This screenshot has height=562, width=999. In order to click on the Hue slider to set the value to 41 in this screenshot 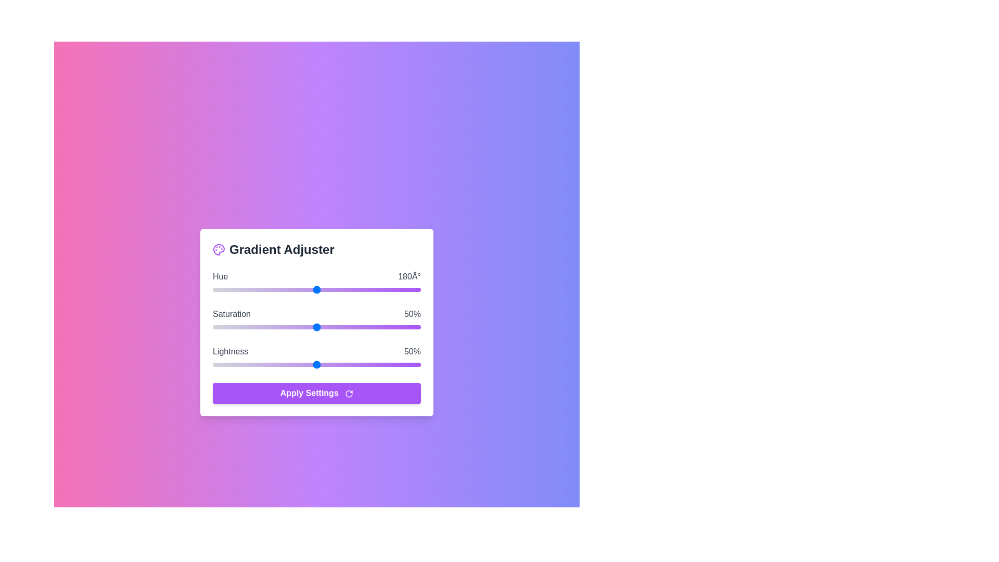, I will do `click(236, 289)`.